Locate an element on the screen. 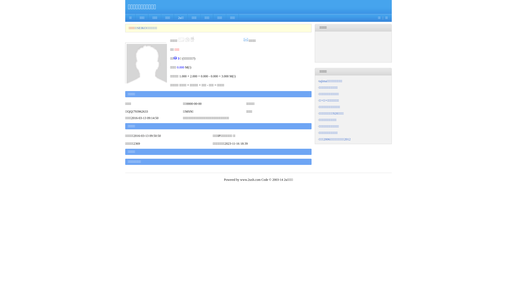  'www.2uxh.com' is located at coordinates (250, 180).